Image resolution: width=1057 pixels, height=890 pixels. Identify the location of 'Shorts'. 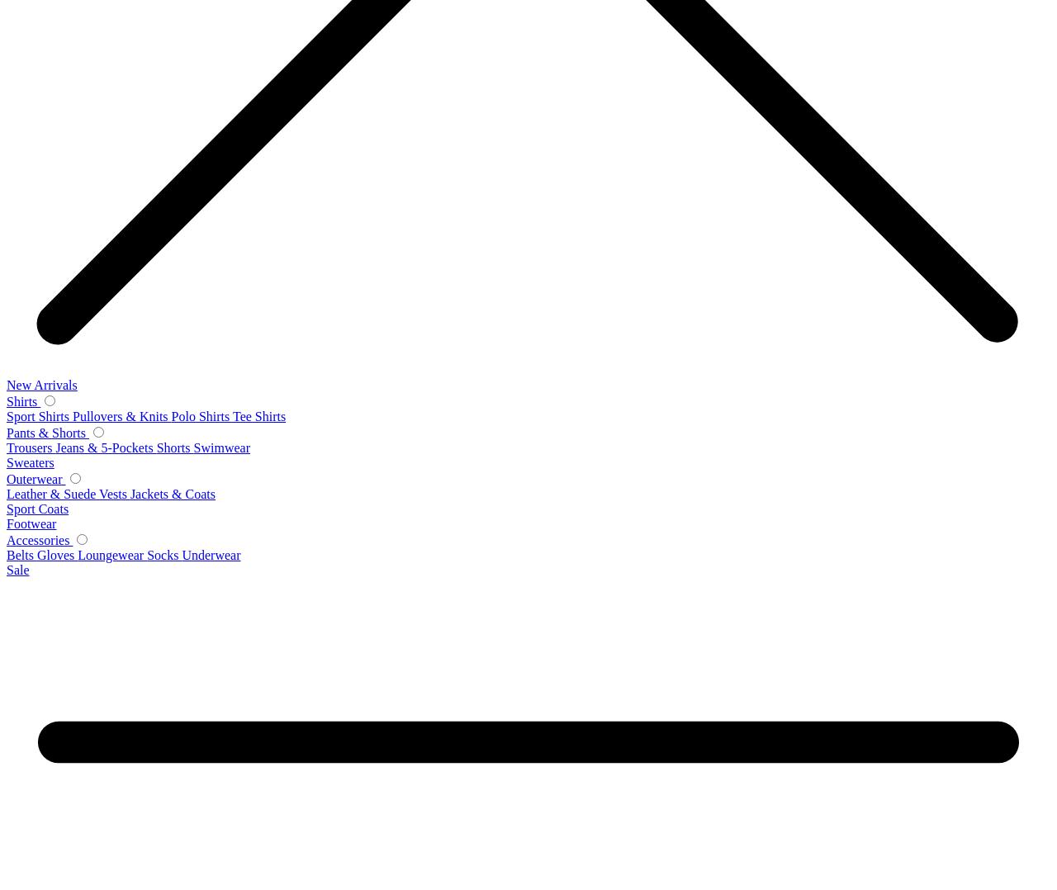
(174, 447).